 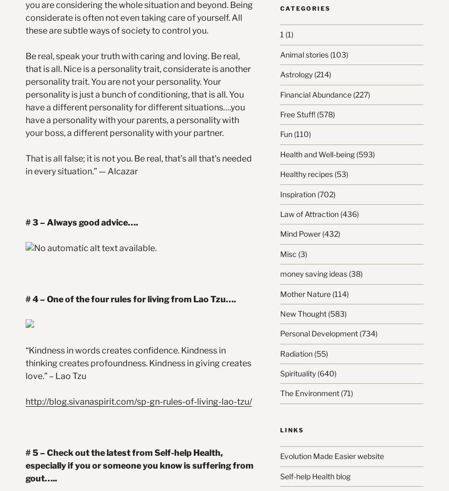 What do you see at coordinates (315, 373) in the screenshot?
I see `'(640)'` at bounding box center [315, 373].